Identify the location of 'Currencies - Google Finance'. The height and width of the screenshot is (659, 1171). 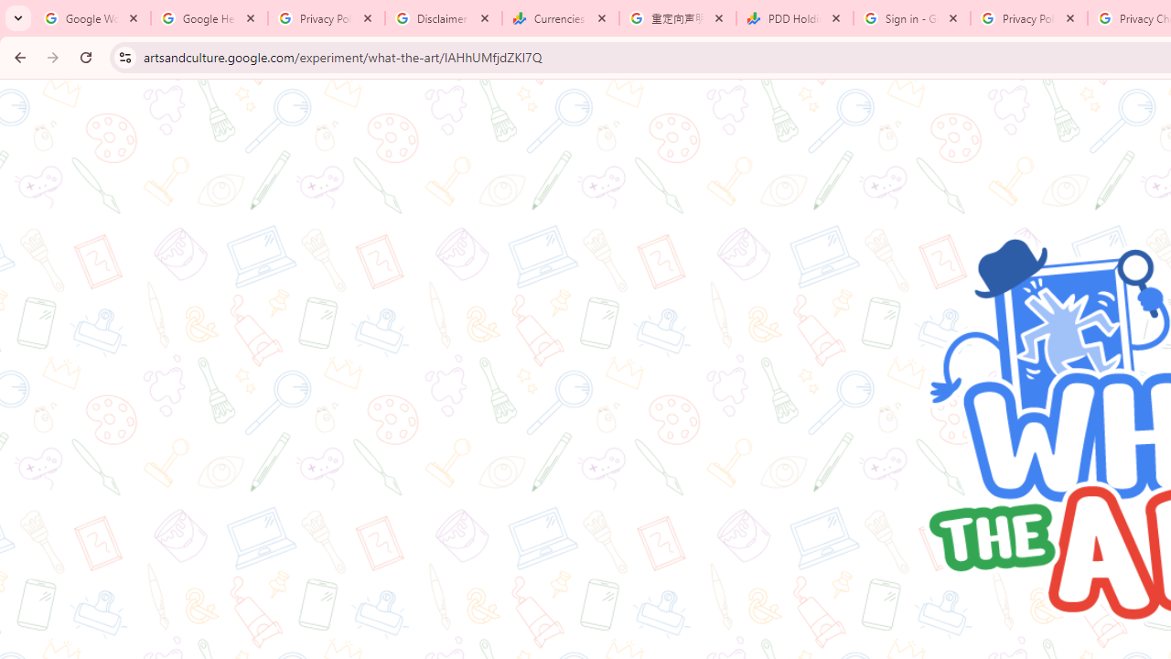
(560, 18).